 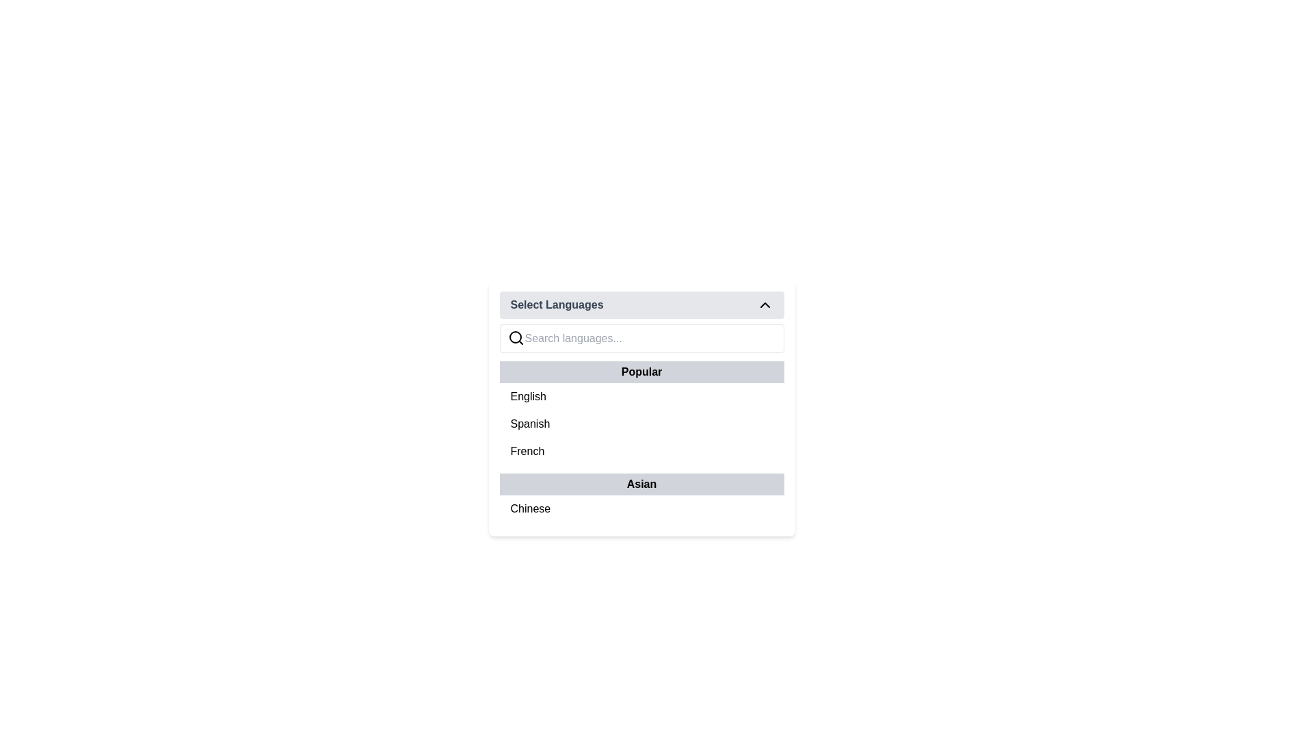 I want to click on the 'English' text label in the language selection dropdown menu, which is the first entry under the 'Popular' category, so click(x=527, y=396).